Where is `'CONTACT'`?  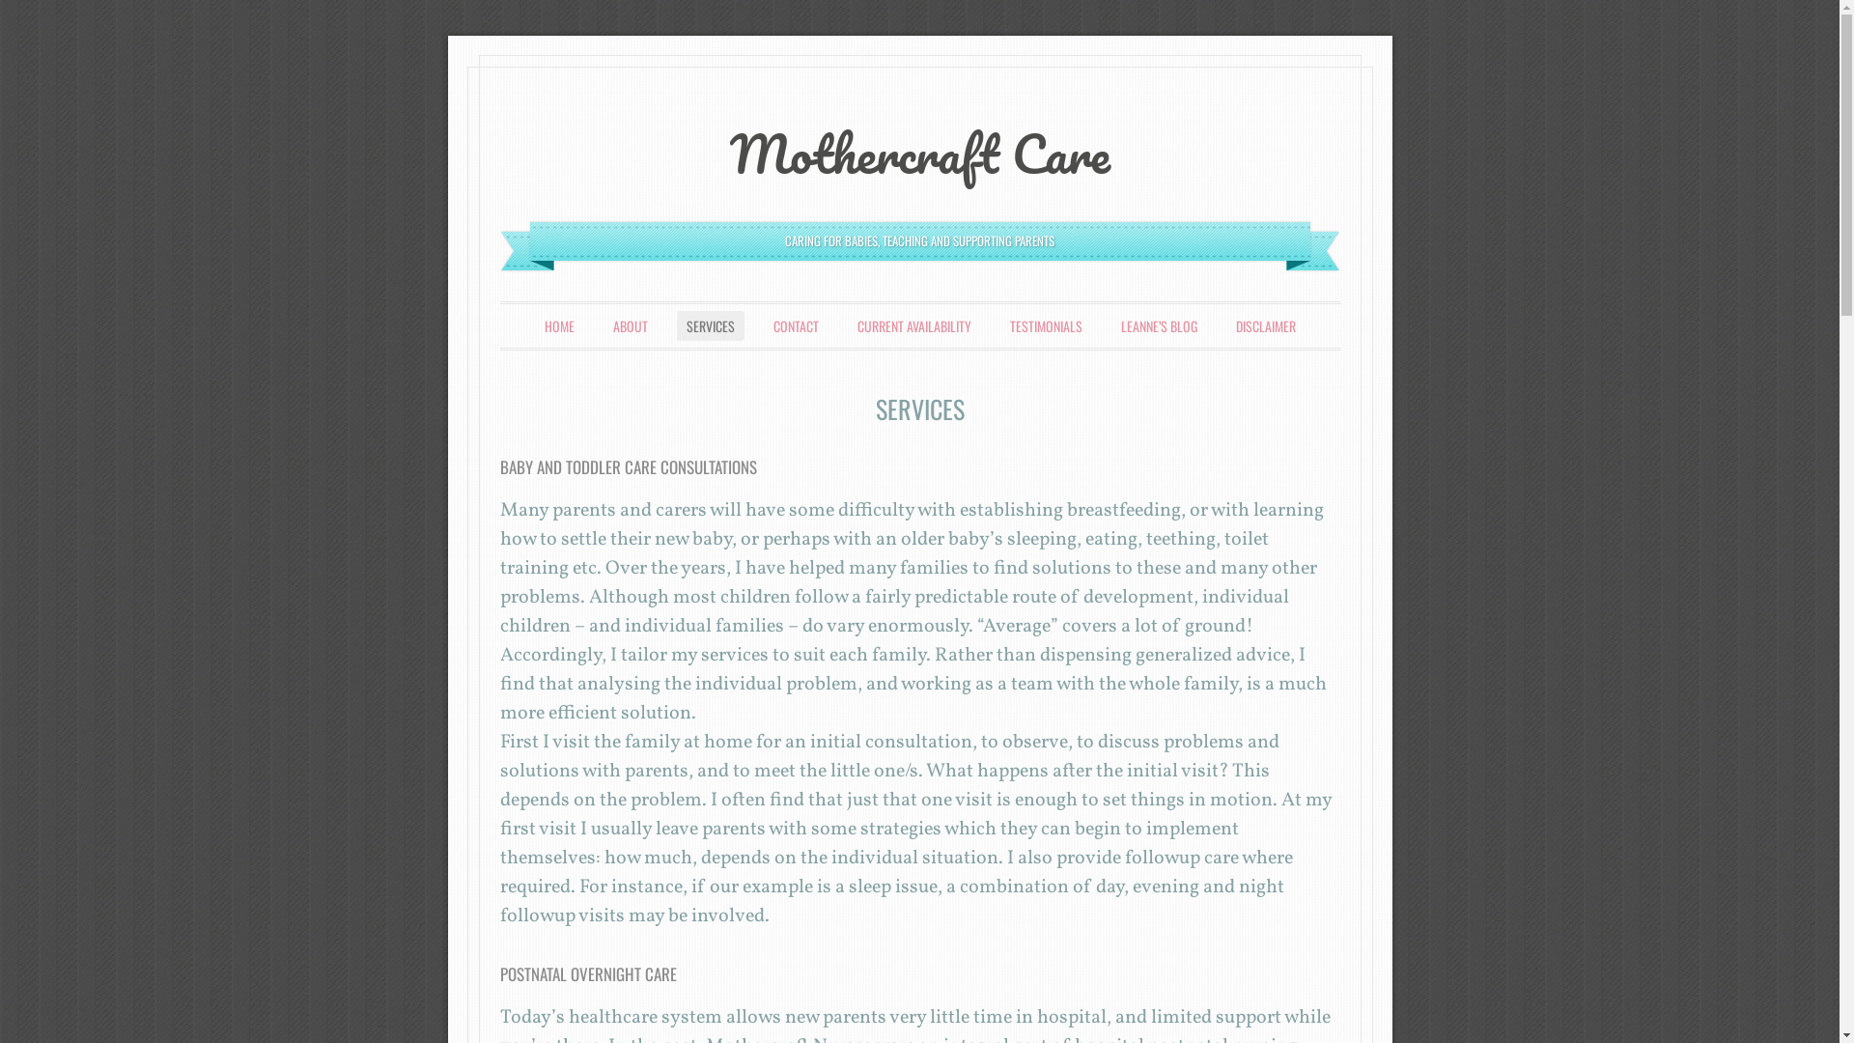 'CONTACT' is located at coordinates (795, 324).